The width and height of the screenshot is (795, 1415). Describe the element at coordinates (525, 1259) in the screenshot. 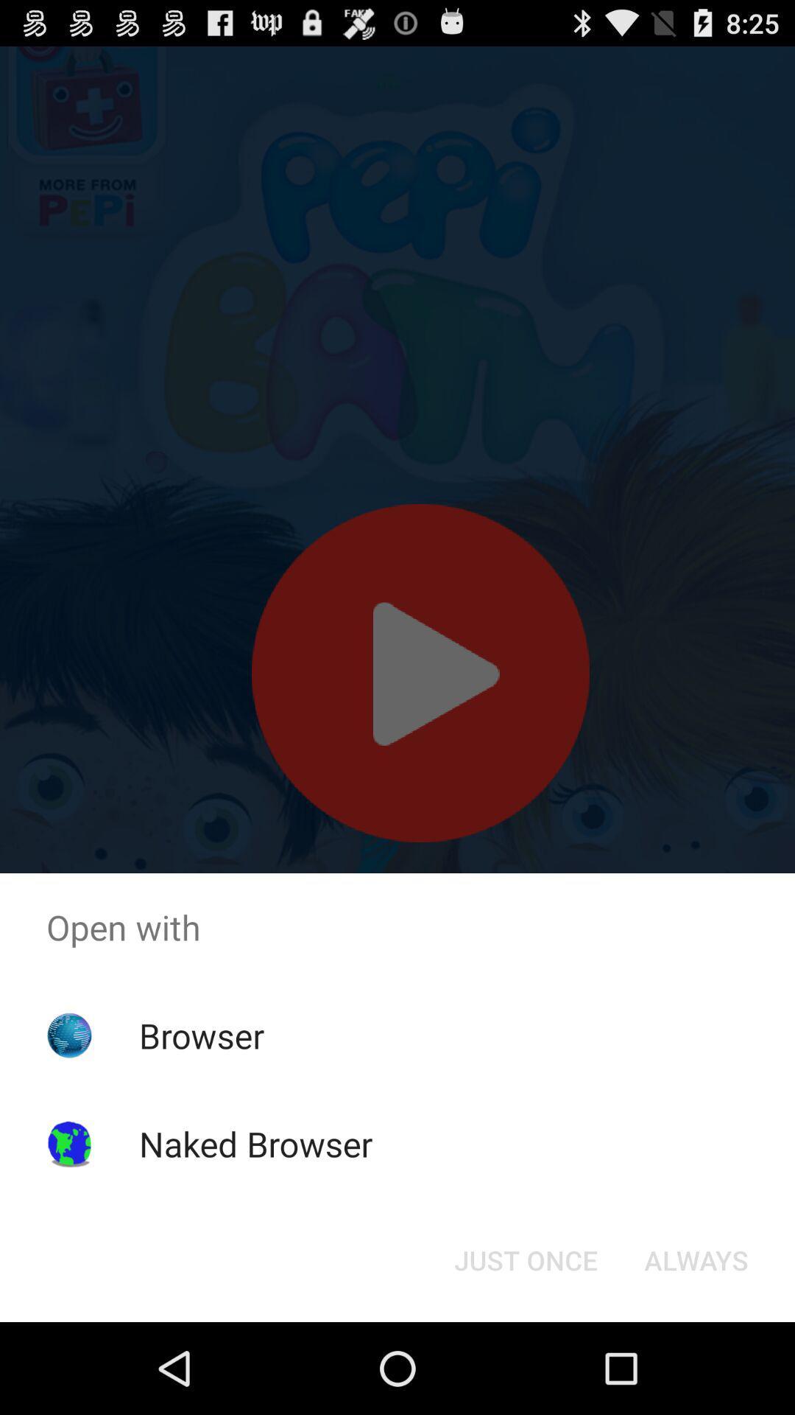

I see `button at the bottom` at that location.